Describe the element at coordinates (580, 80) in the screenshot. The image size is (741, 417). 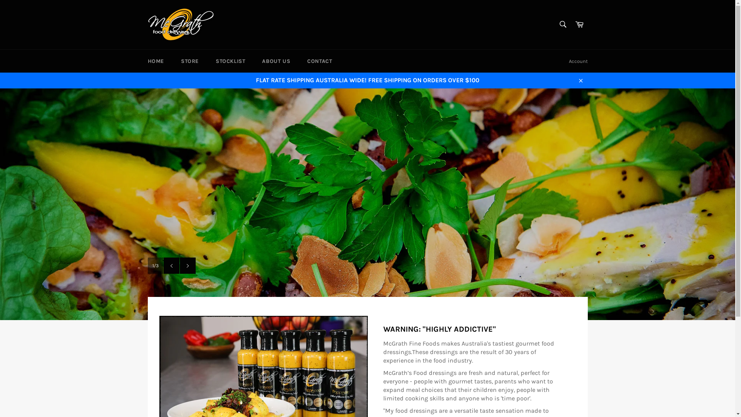
I see `'Close'` at that location.